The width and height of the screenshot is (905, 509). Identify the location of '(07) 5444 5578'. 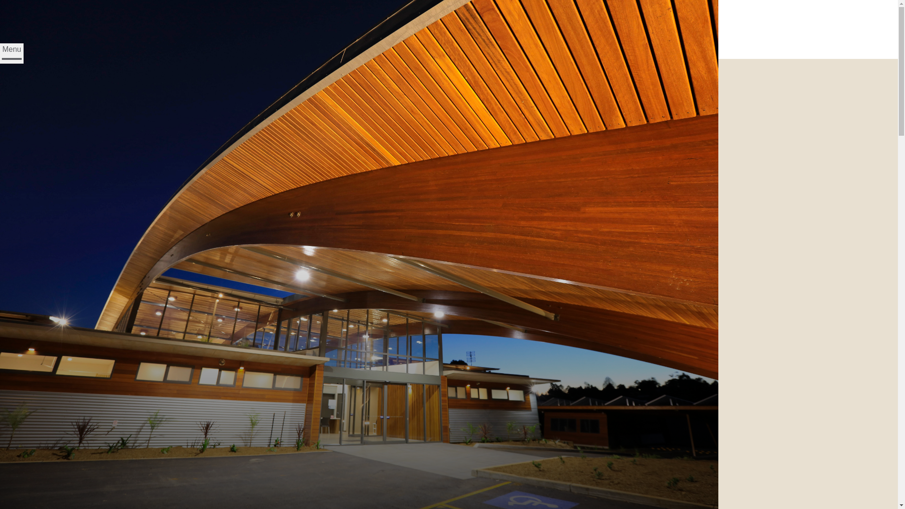
(0, 38).